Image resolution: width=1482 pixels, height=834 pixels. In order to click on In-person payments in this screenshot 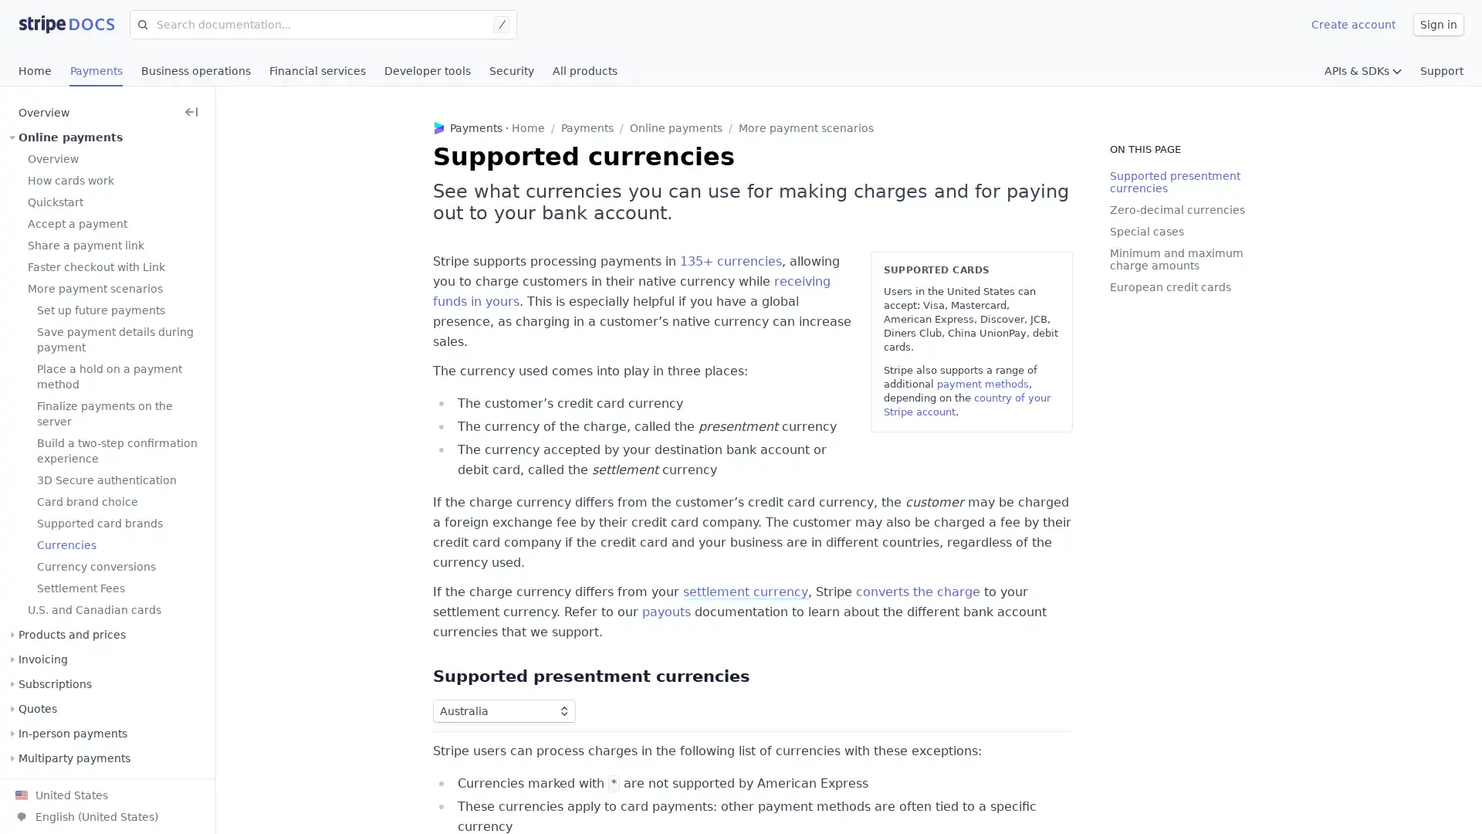, I will do `click(72, 732)`.